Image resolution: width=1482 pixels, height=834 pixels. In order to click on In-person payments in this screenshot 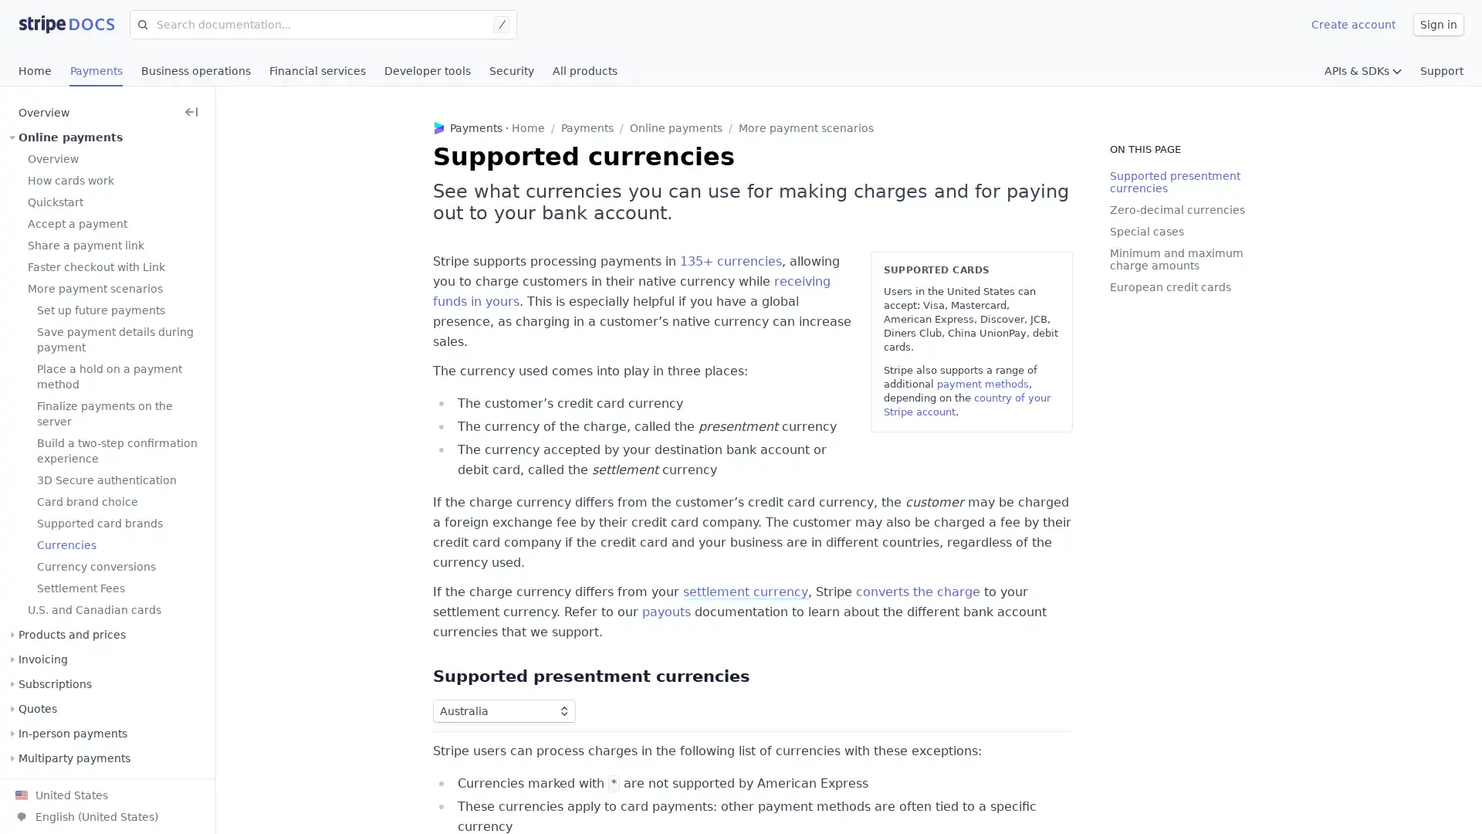, I will do `click(72, 732)`.